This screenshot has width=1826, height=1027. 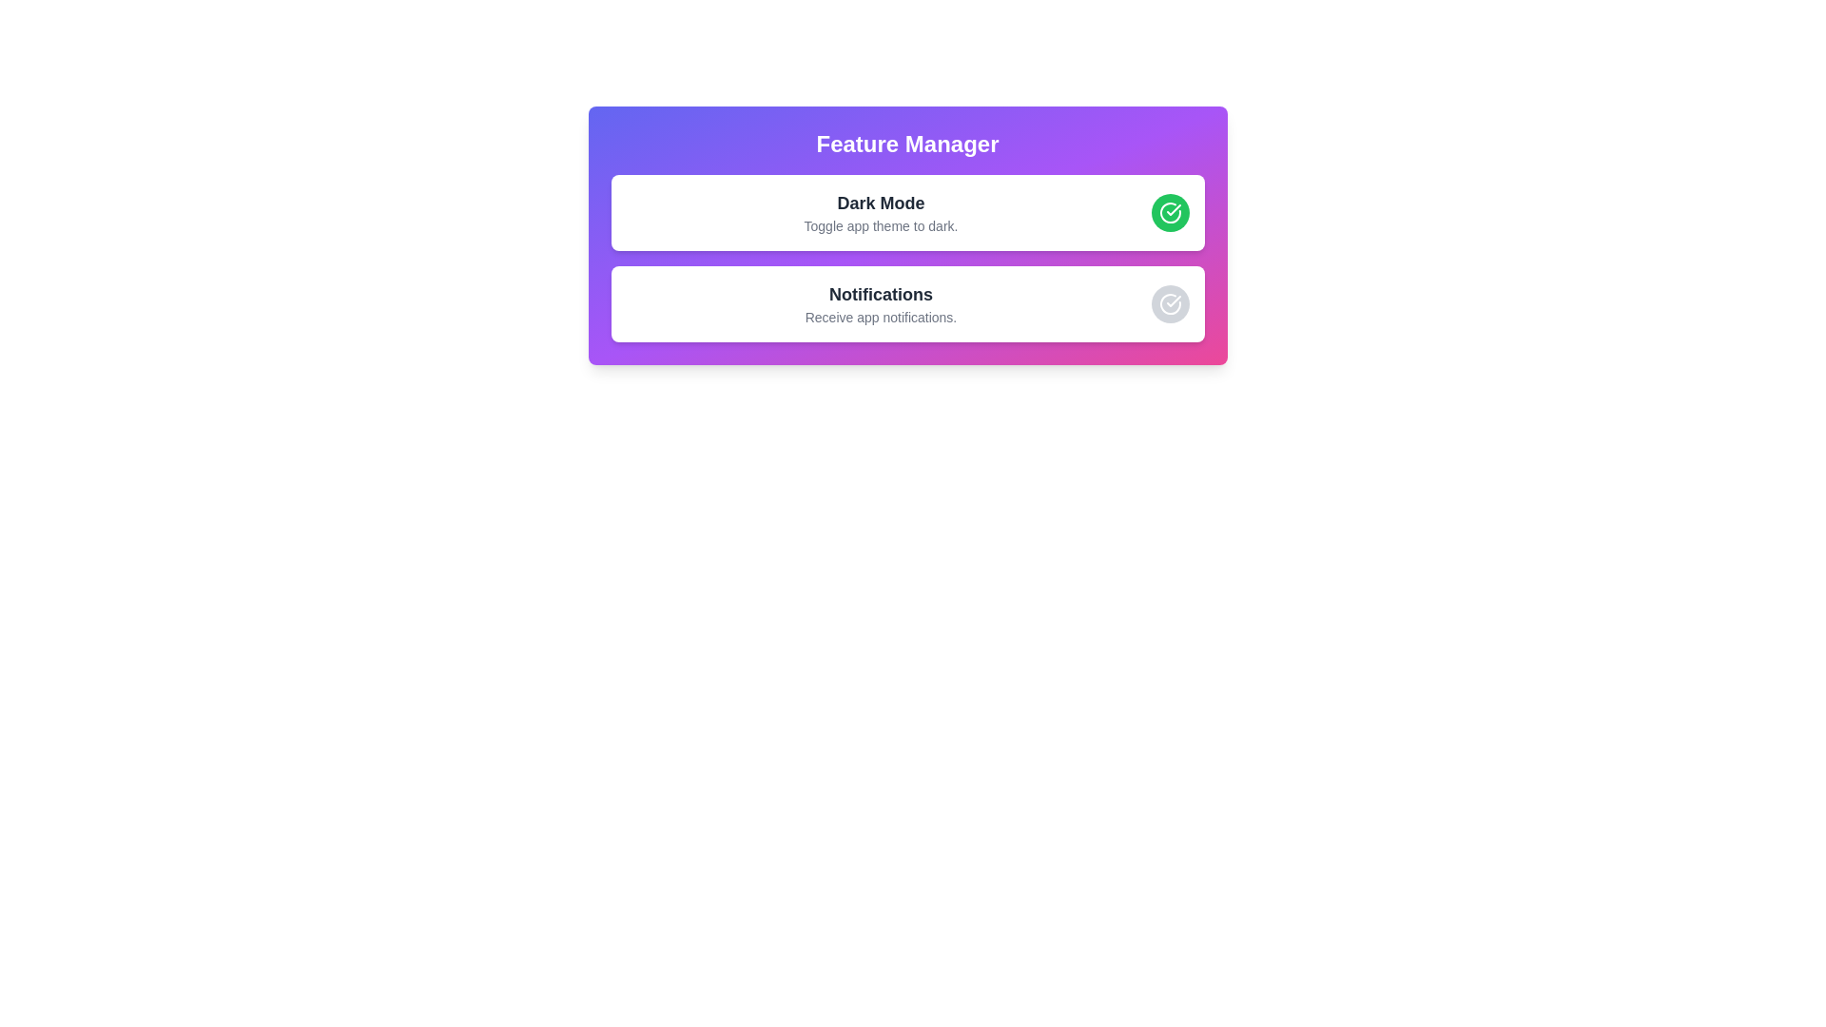 I want to click on the green checkmark icon within the circular boundary on the right side of the 'Dark Mode' toggle UI, so click(x=1172, y=209).